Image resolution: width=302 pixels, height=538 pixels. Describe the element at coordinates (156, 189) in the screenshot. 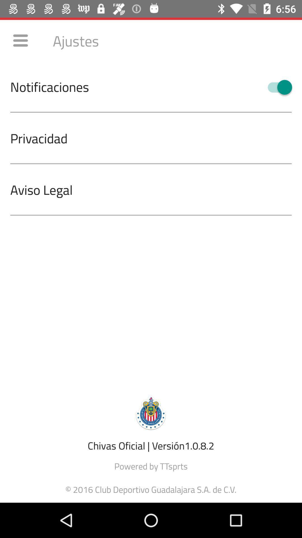

I see `the aviso legal item` at that location.